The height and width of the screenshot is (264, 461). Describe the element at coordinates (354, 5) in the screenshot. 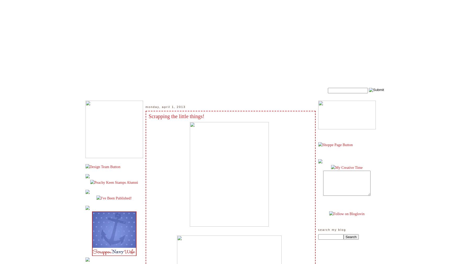

I see `'You Tube'` at that location.